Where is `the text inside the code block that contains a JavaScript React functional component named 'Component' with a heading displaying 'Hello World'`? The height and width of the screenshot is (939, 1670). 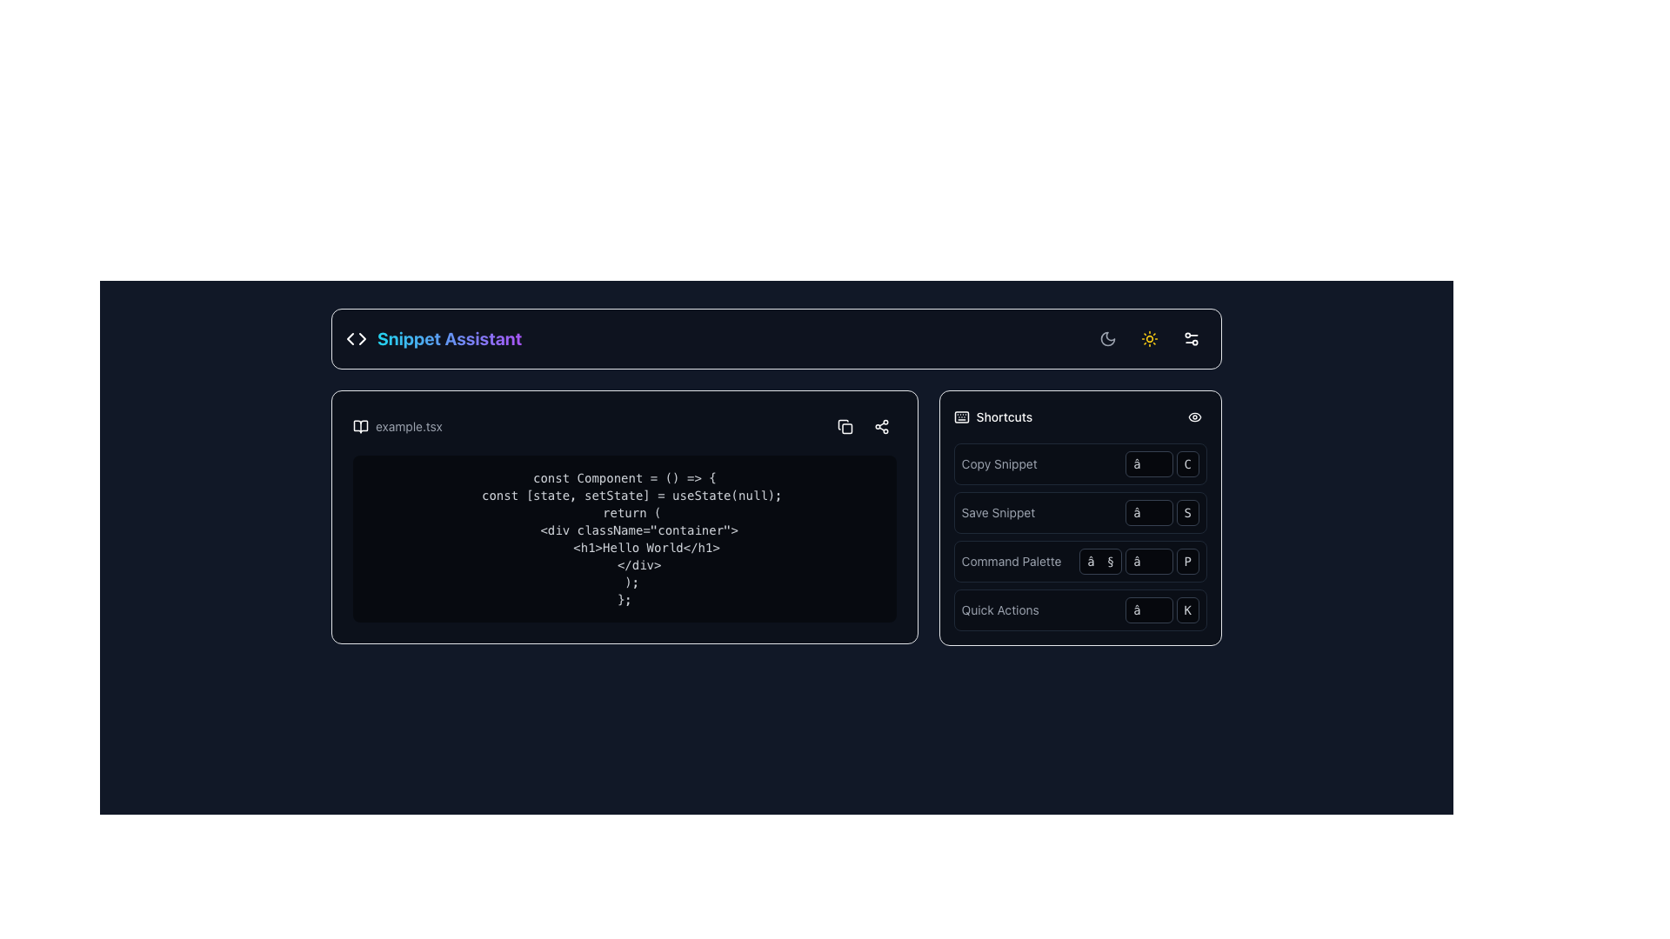 the text inside the code block that contains a JavaScript React functional component named 'Component' with a heading displaying 'Hello World' is located at coordinates (625, 538).